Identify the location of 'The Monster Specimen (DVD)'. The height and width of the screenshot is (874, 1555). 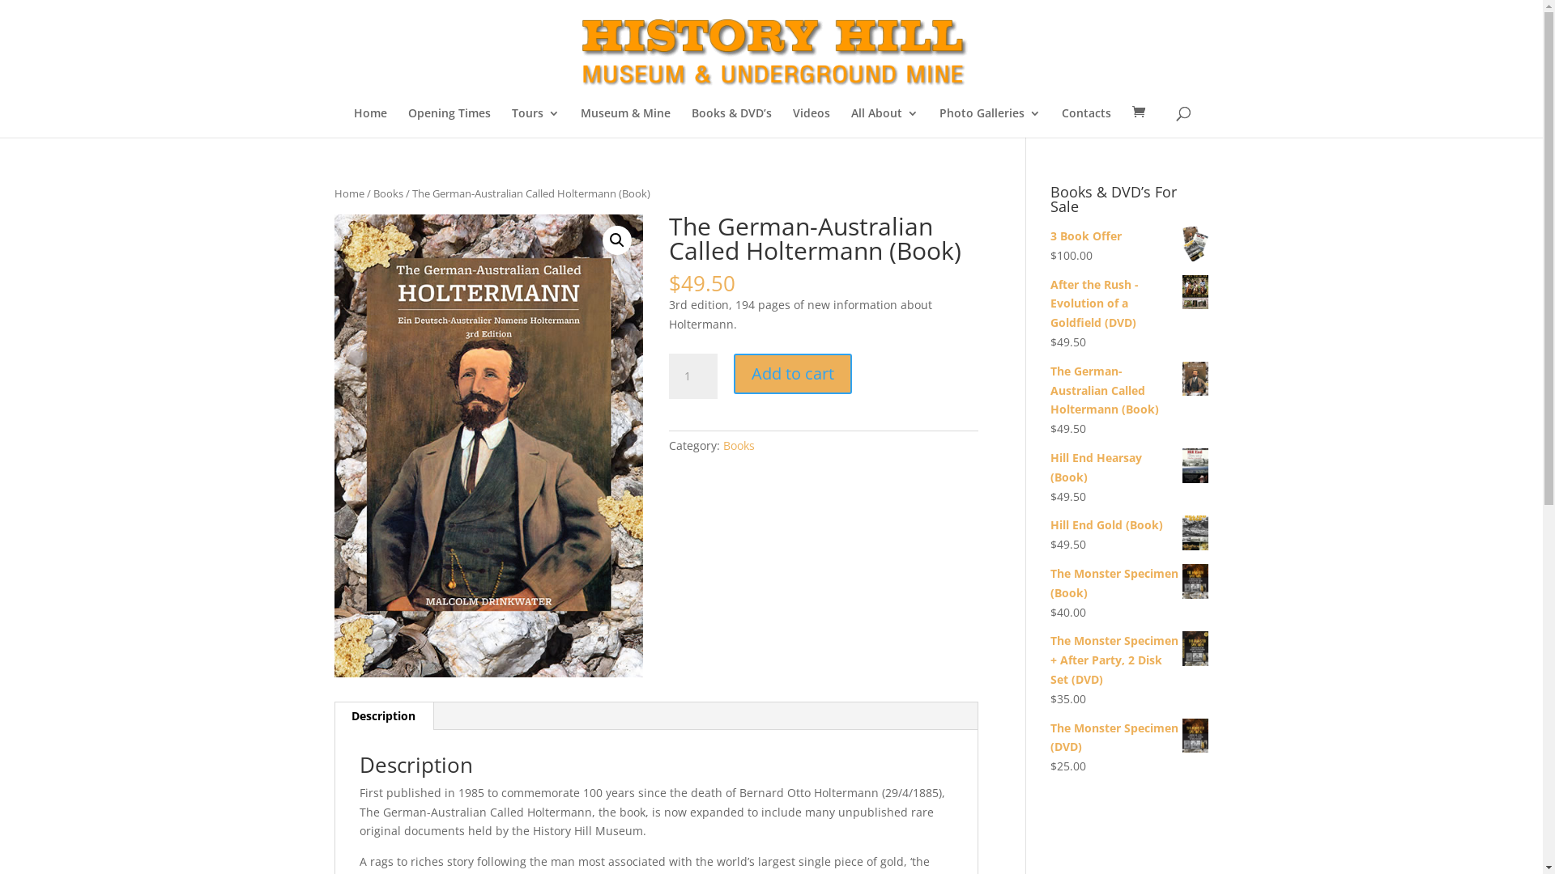
(1128, 737).